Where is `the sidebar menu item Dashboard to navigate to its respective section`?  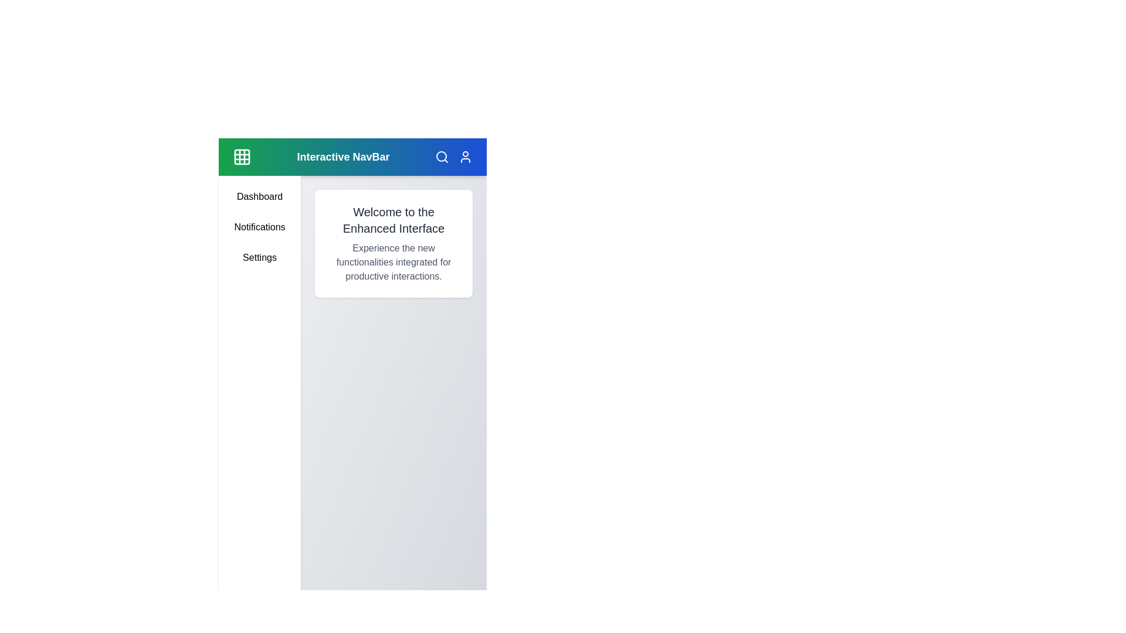 the sidebar menu item Dashboard to navigate to its respective section is located at coordinates (259, 196).